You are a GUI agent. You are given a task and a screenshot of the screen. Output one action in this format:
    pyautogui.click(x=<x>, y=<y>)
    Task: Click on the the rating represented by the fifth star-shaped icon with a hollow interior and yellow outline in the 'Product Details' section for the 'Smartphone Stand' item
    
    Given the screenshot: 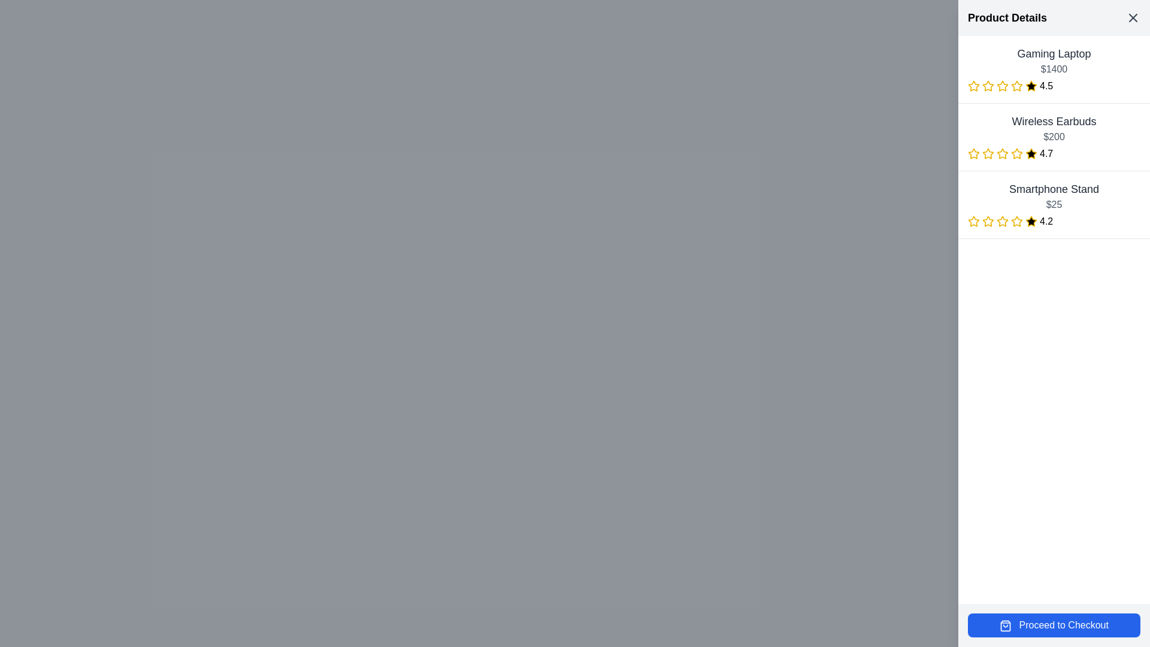 What is the action you would take?
    pyautogui.click(x=1003, y=222)
    